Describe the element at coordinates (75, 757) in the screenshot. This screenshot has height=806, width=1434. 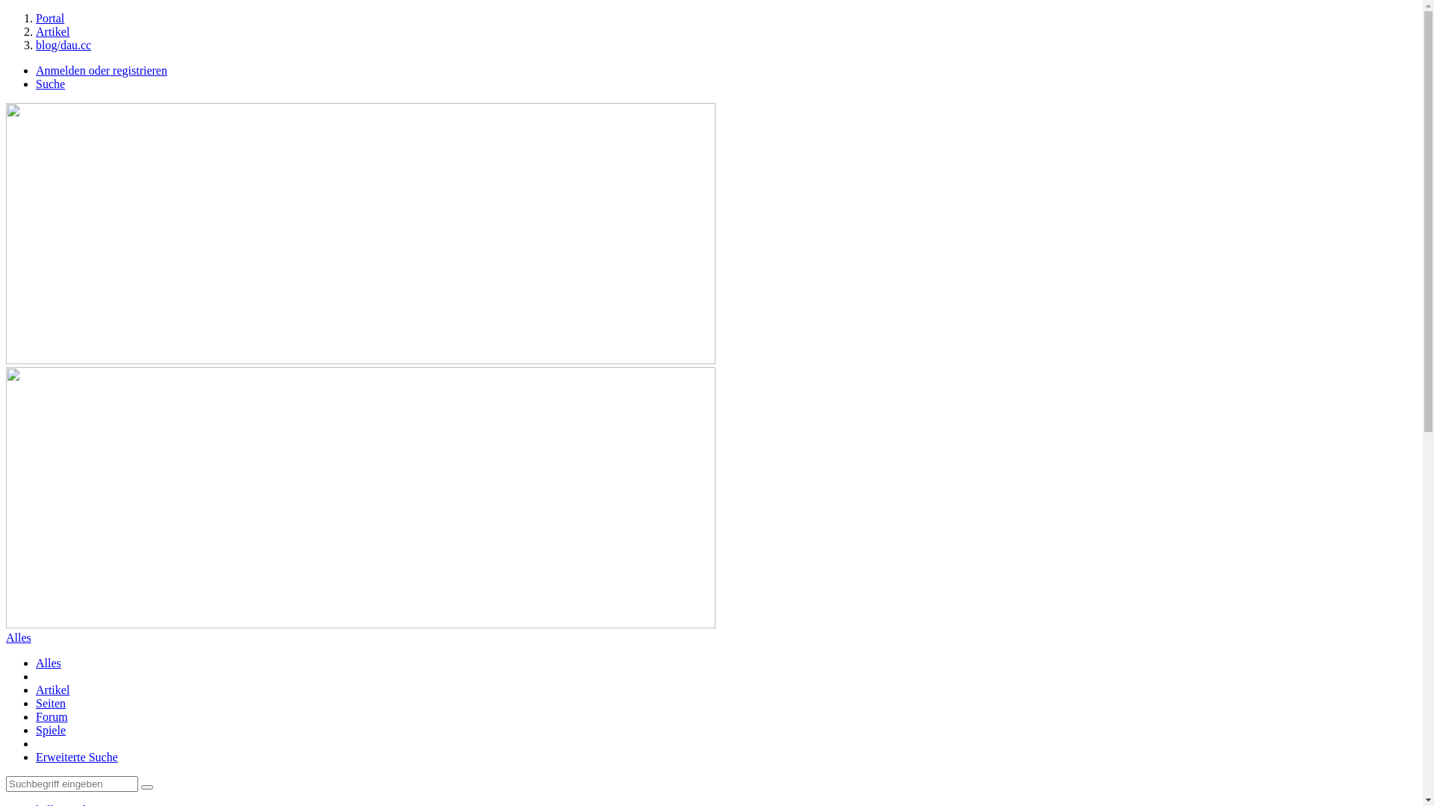
I see `'Erweiterte Suche'` at that location.